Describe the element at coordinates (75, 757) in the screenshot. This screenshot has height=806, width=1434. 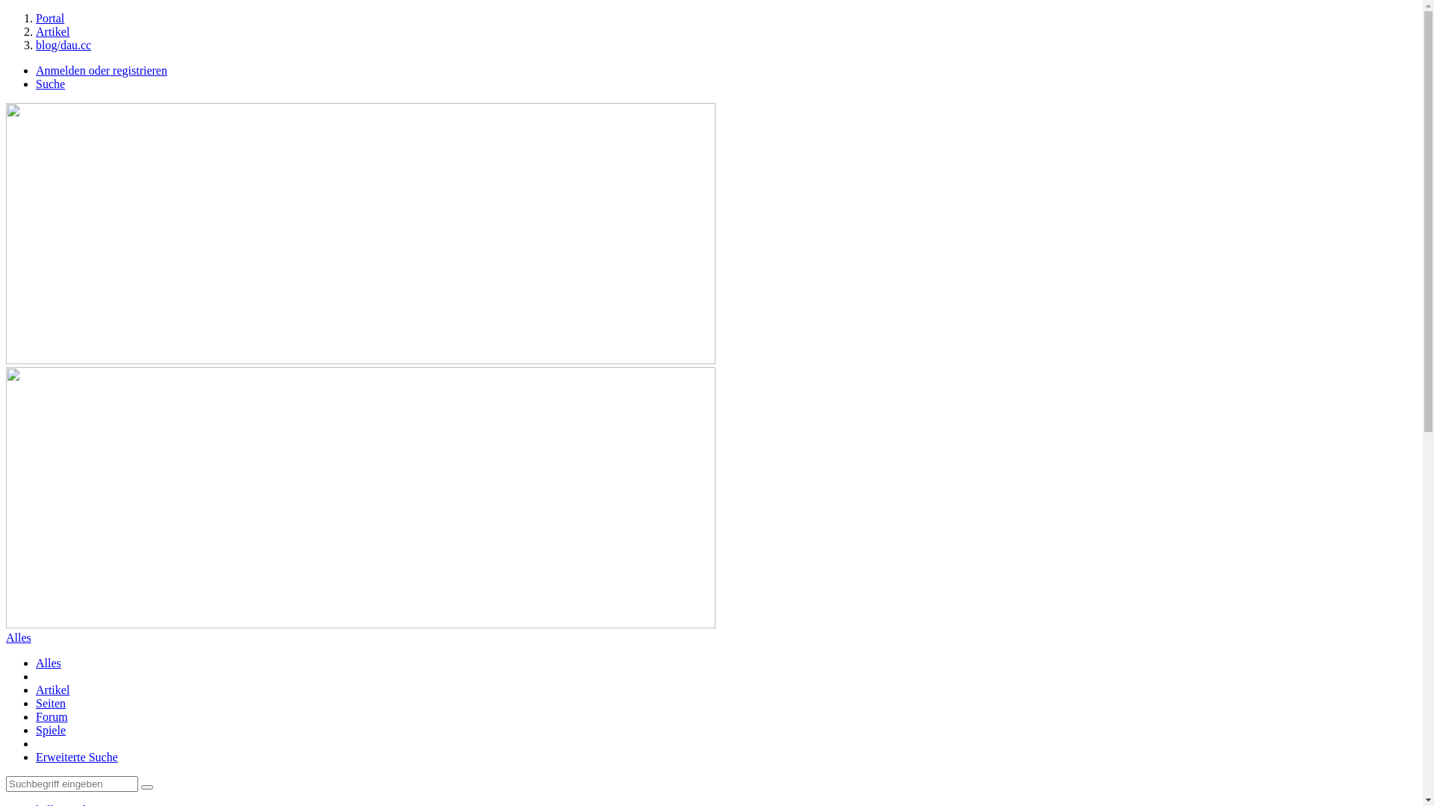
I see `'Erweiterte Suche'` at that location.